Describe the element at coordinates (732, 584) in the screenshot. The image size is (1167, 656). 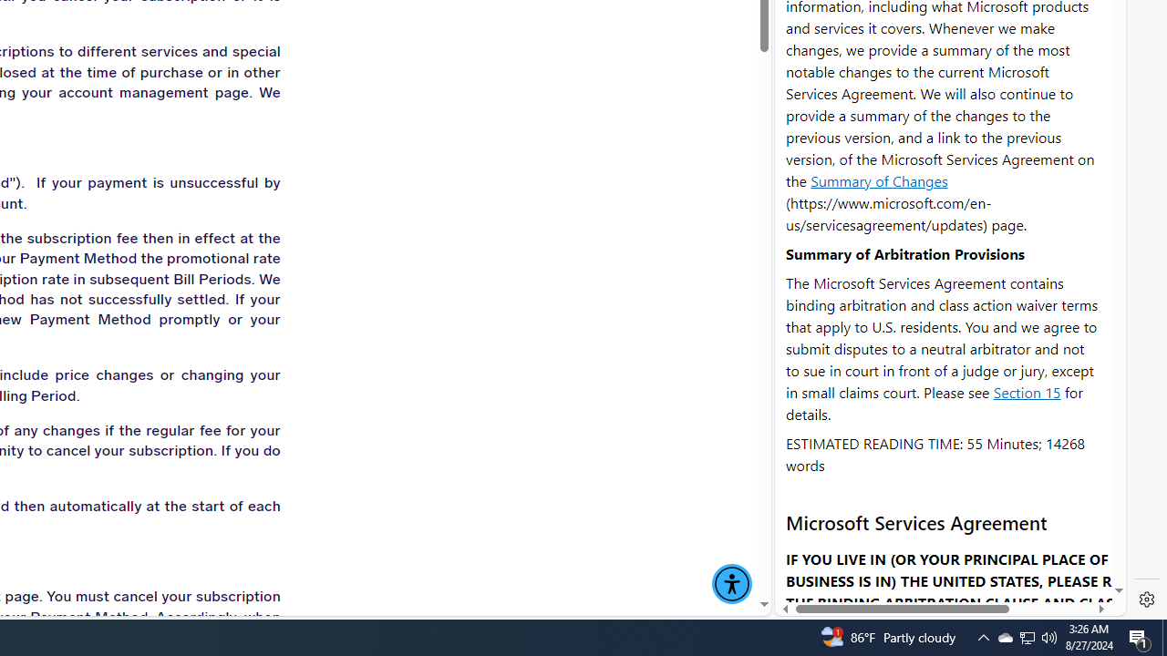
I see `'Accessibility Menu'` at that location.